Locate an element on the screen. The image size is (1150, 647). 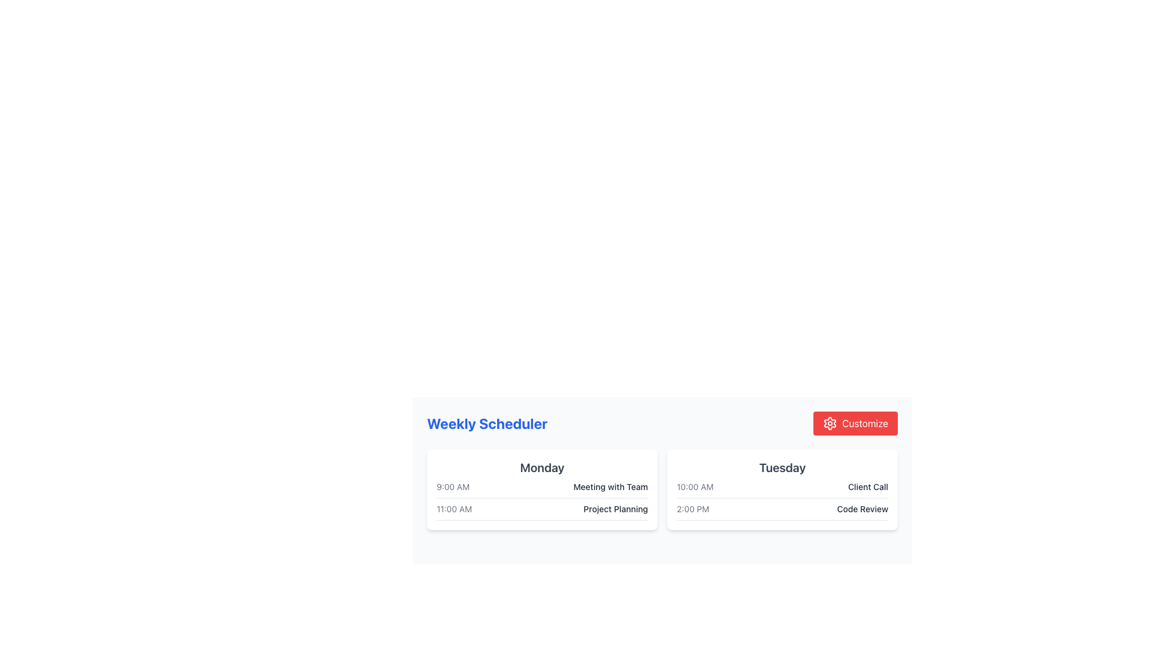
the 'settings' icon within the 'Customize' button located in the top-right corner of the scheduler view is located at coordinates (830, 422).